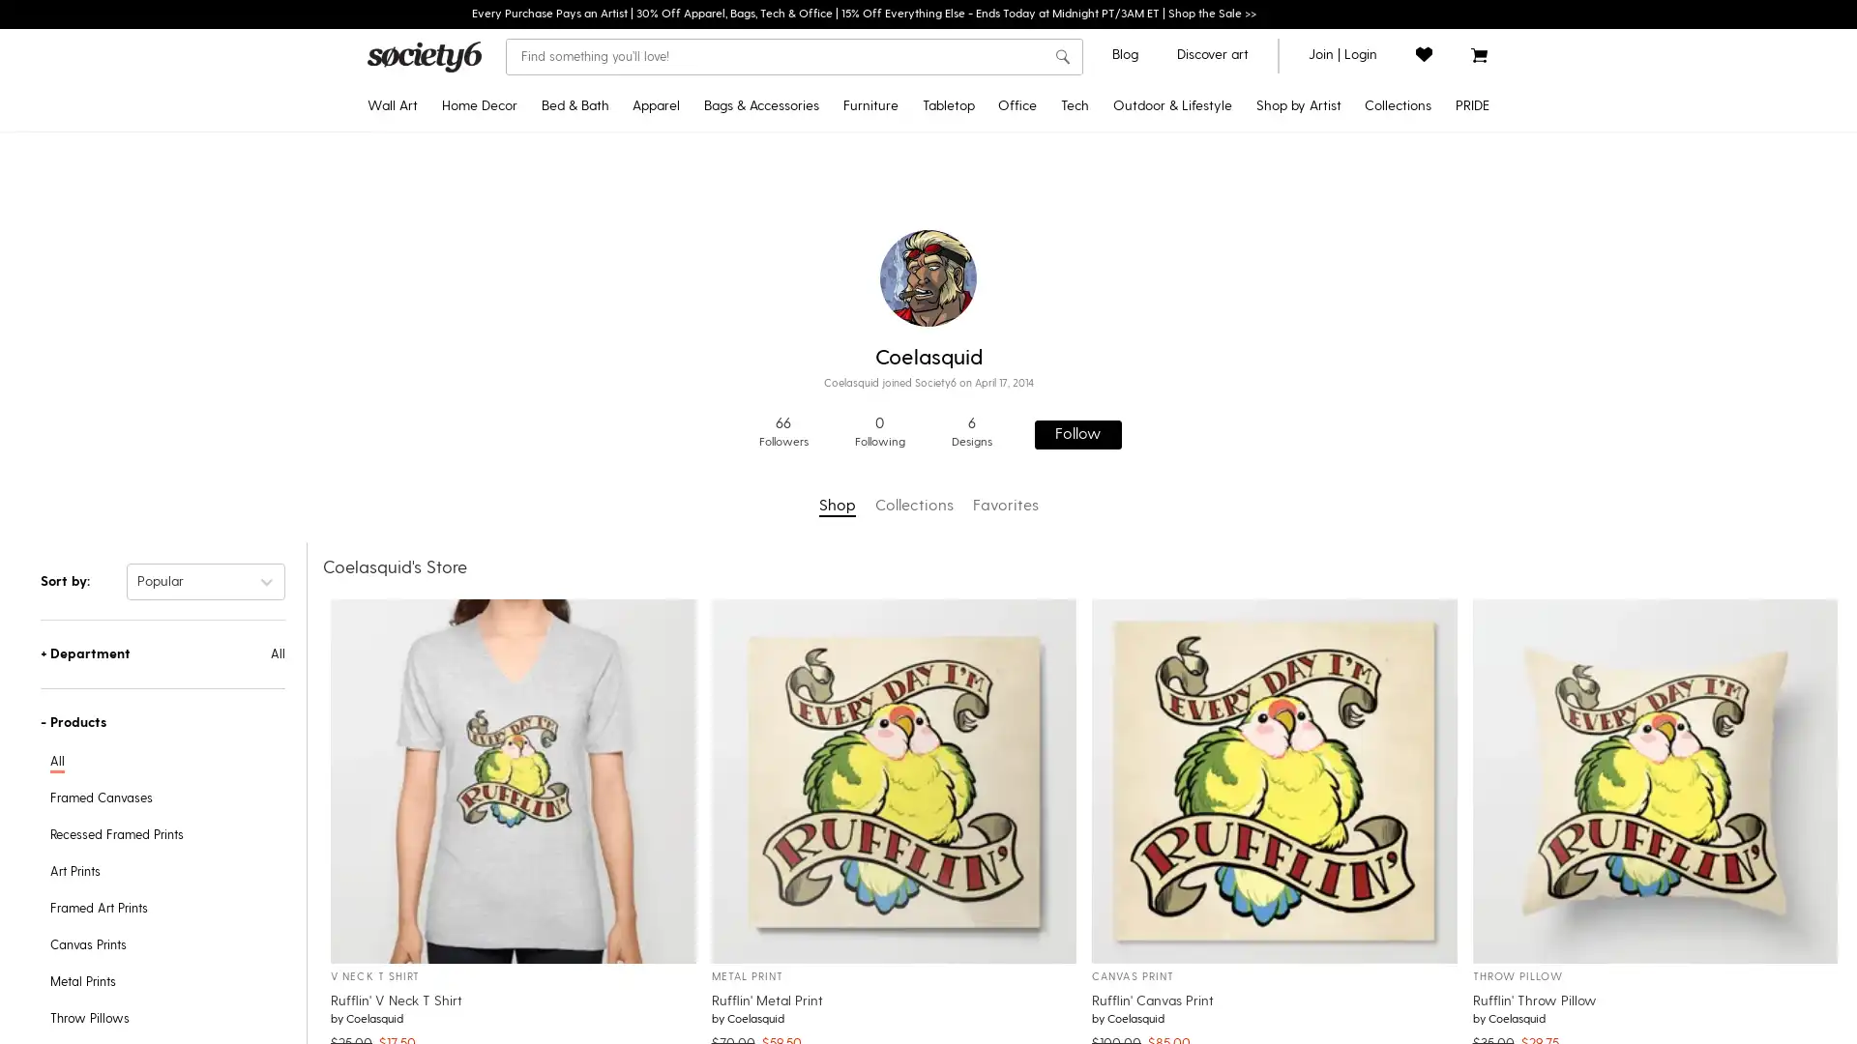  What do you see at coordinates (1326, 560) in the screenshot?
I see `All Collections` at bounding box center [1326, 560].